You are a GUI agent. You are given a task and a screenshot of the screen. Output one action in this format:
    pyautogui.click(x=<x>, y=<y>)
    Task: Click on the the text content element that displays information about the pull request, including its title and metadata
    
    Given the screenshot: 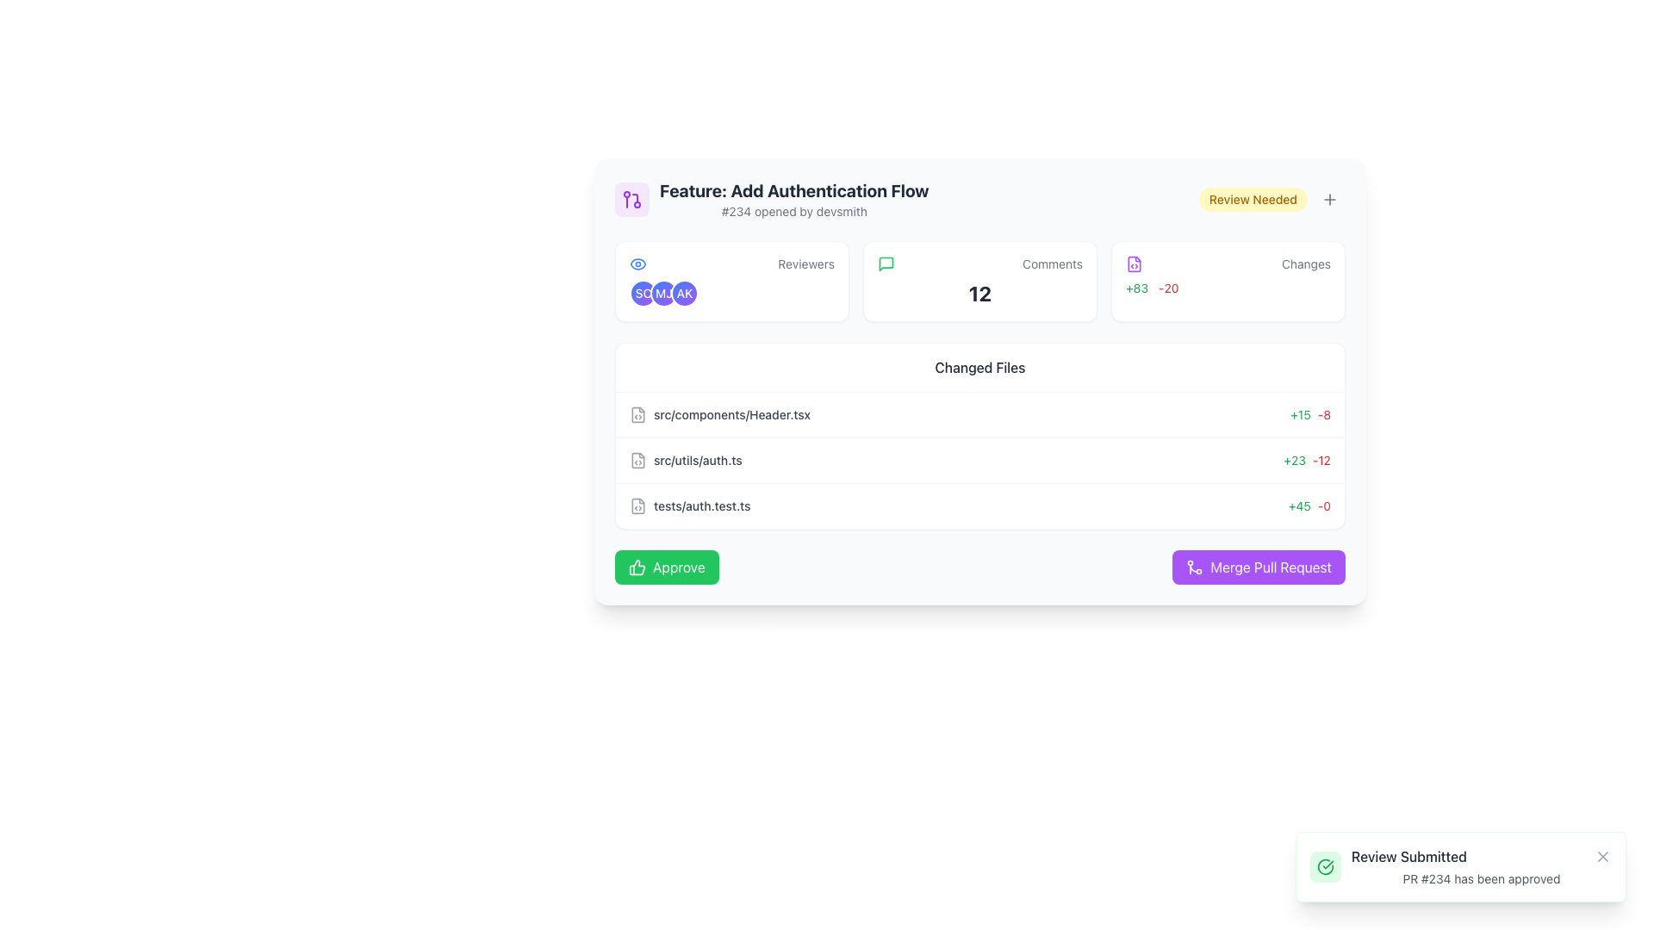 What is the action you would take?
    pyautogui.click(x=771, y=198)
    